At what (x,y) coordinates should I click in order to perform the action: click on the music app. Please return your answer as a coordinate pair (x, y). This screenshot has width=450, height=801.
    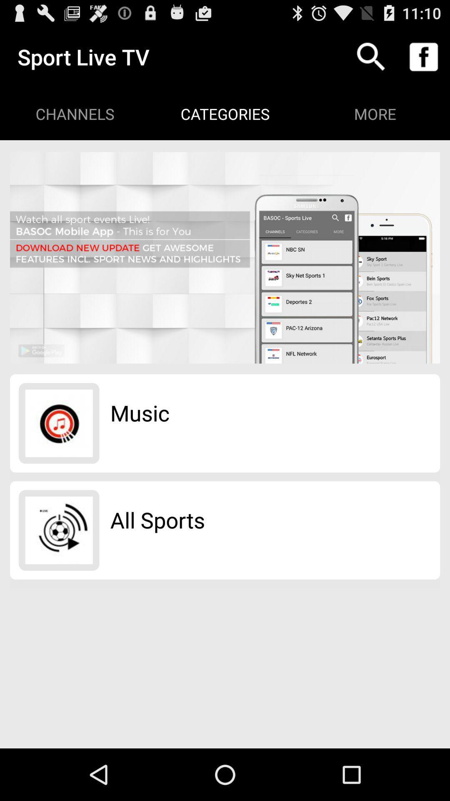
    Looking at the image, I should click on (139, 413).